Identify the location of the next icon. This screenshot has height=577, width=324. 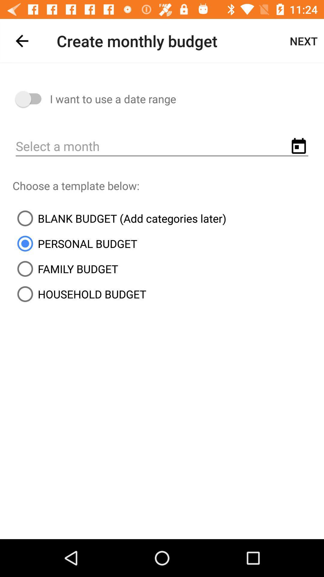
(304, 41).